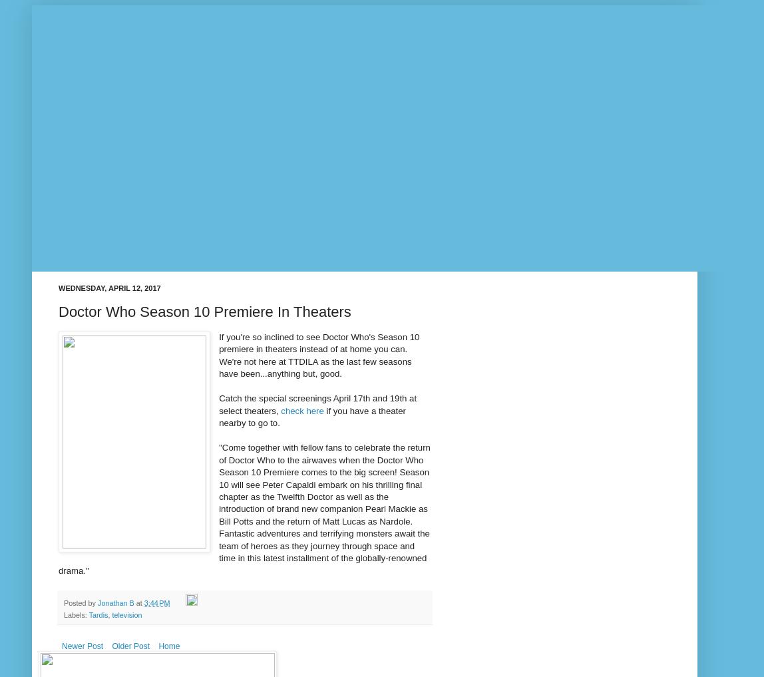  What do you see at coordinates (126, 614) in the screenshot?
I see `'television'` at bounding box center [126, 614].